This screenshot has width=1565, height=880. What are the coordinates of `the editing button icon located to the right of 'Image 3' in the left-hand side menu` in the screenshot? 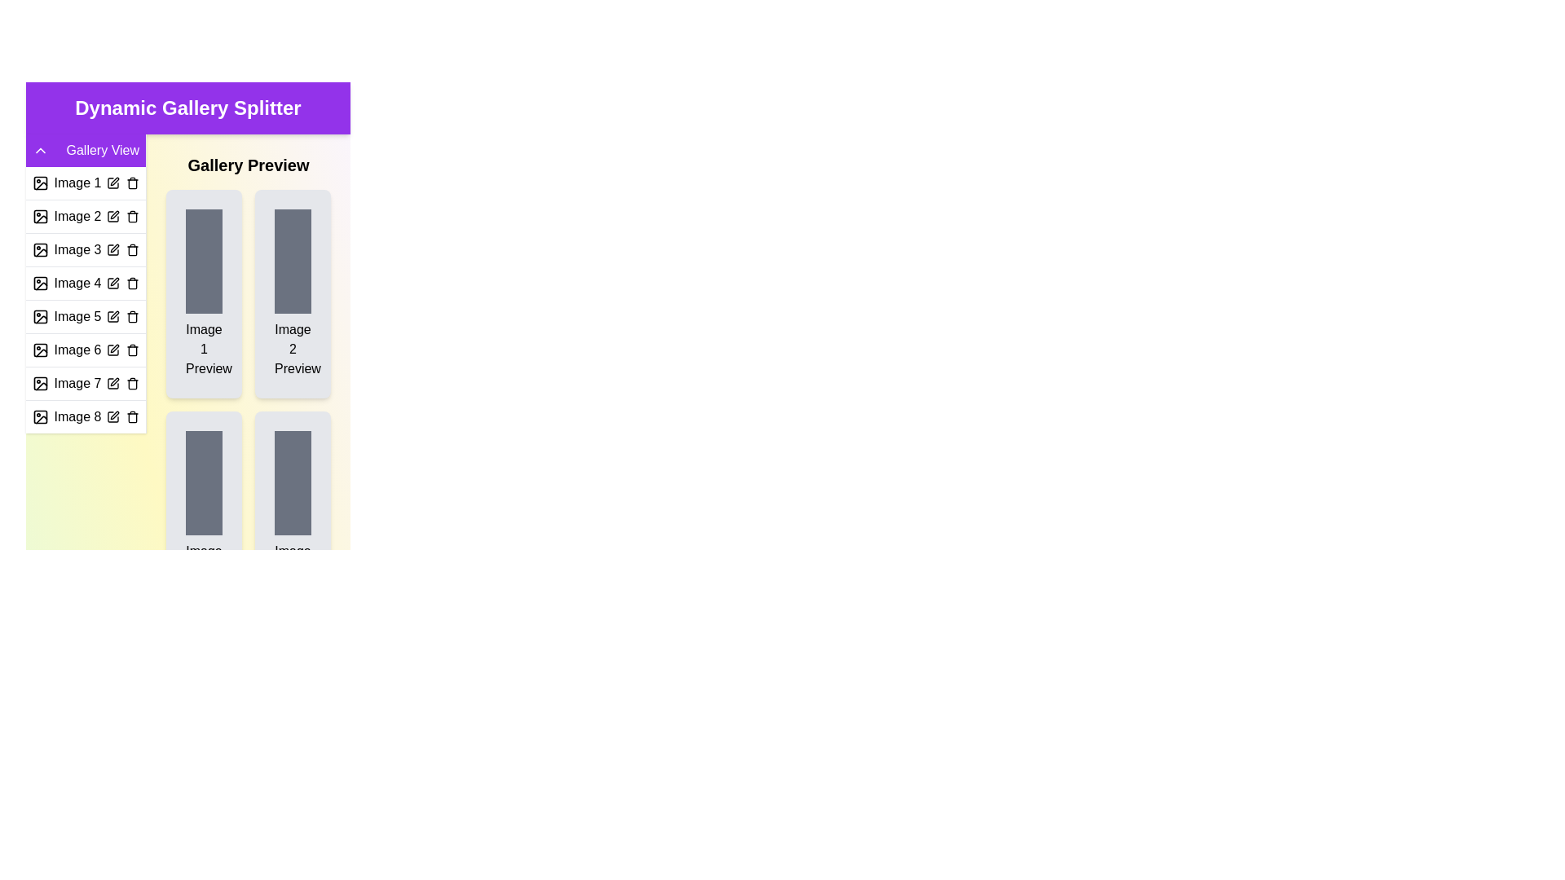 It's located at (113, 248).